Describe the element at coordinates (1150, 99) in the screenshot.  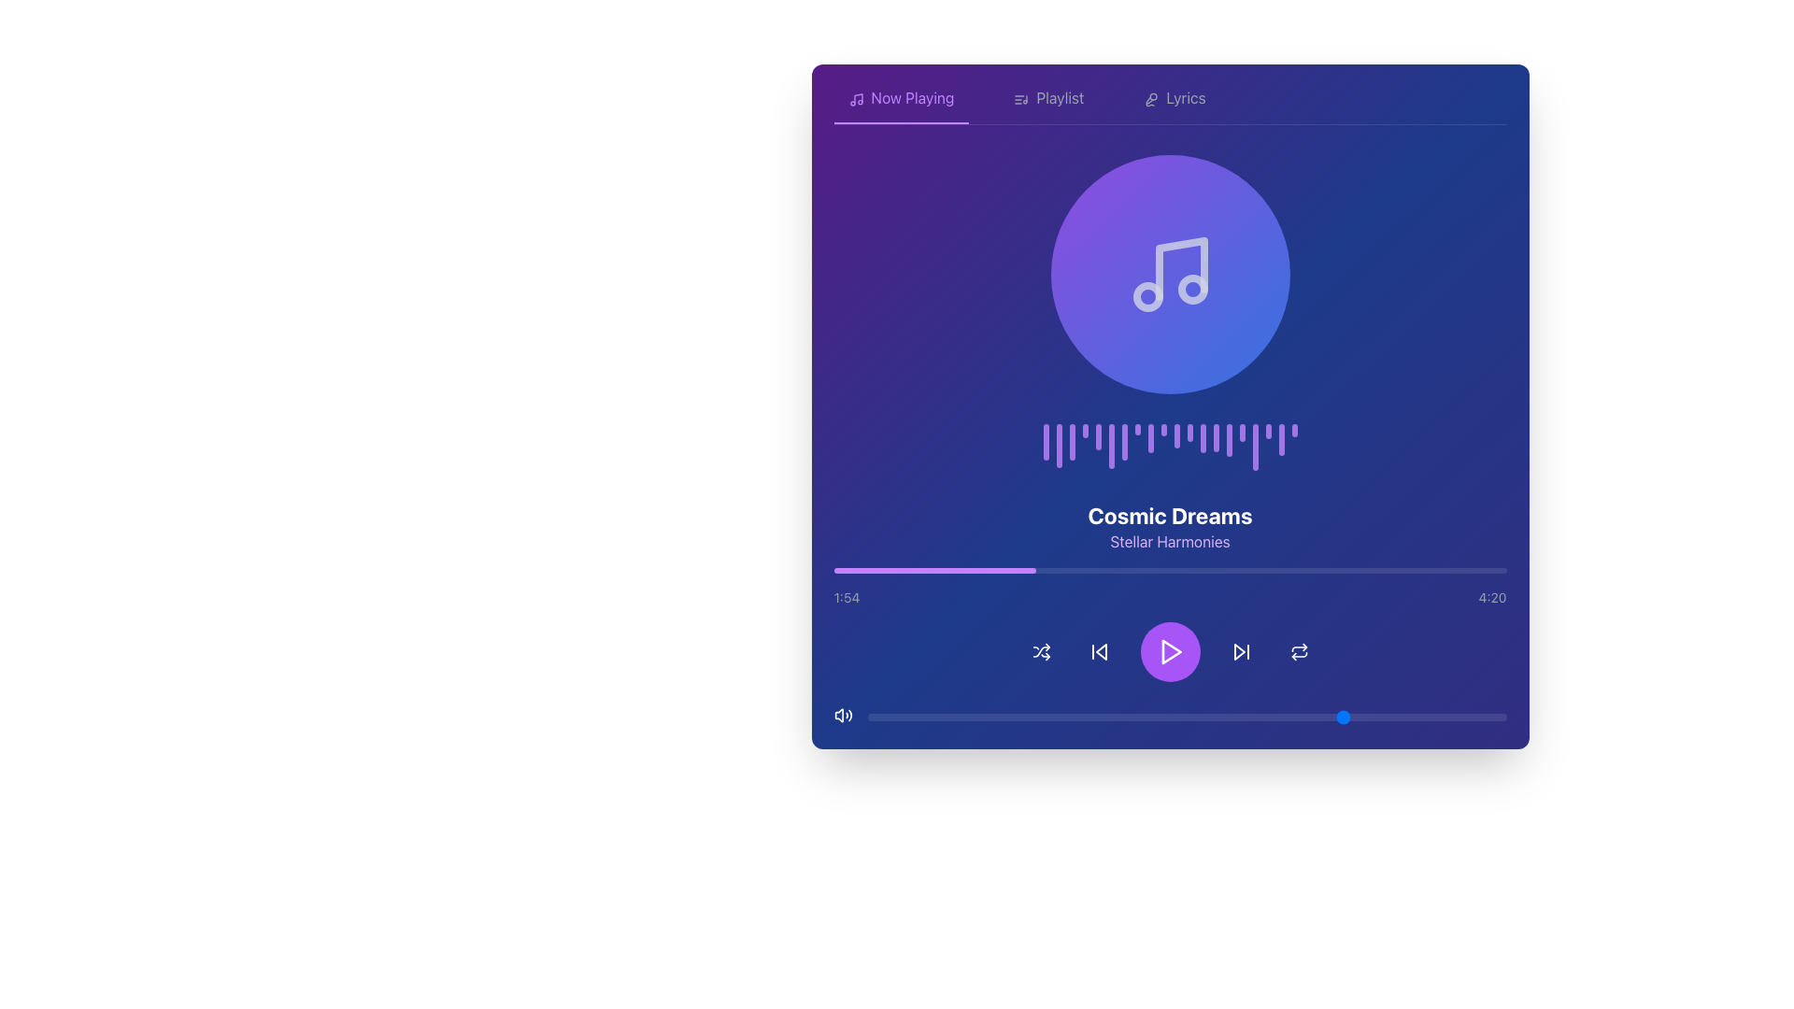
I see `the microphone icon representing the 'Lyrics' feature, located to the left of the 'Lyrics' label in the top navigation bar` at that location.